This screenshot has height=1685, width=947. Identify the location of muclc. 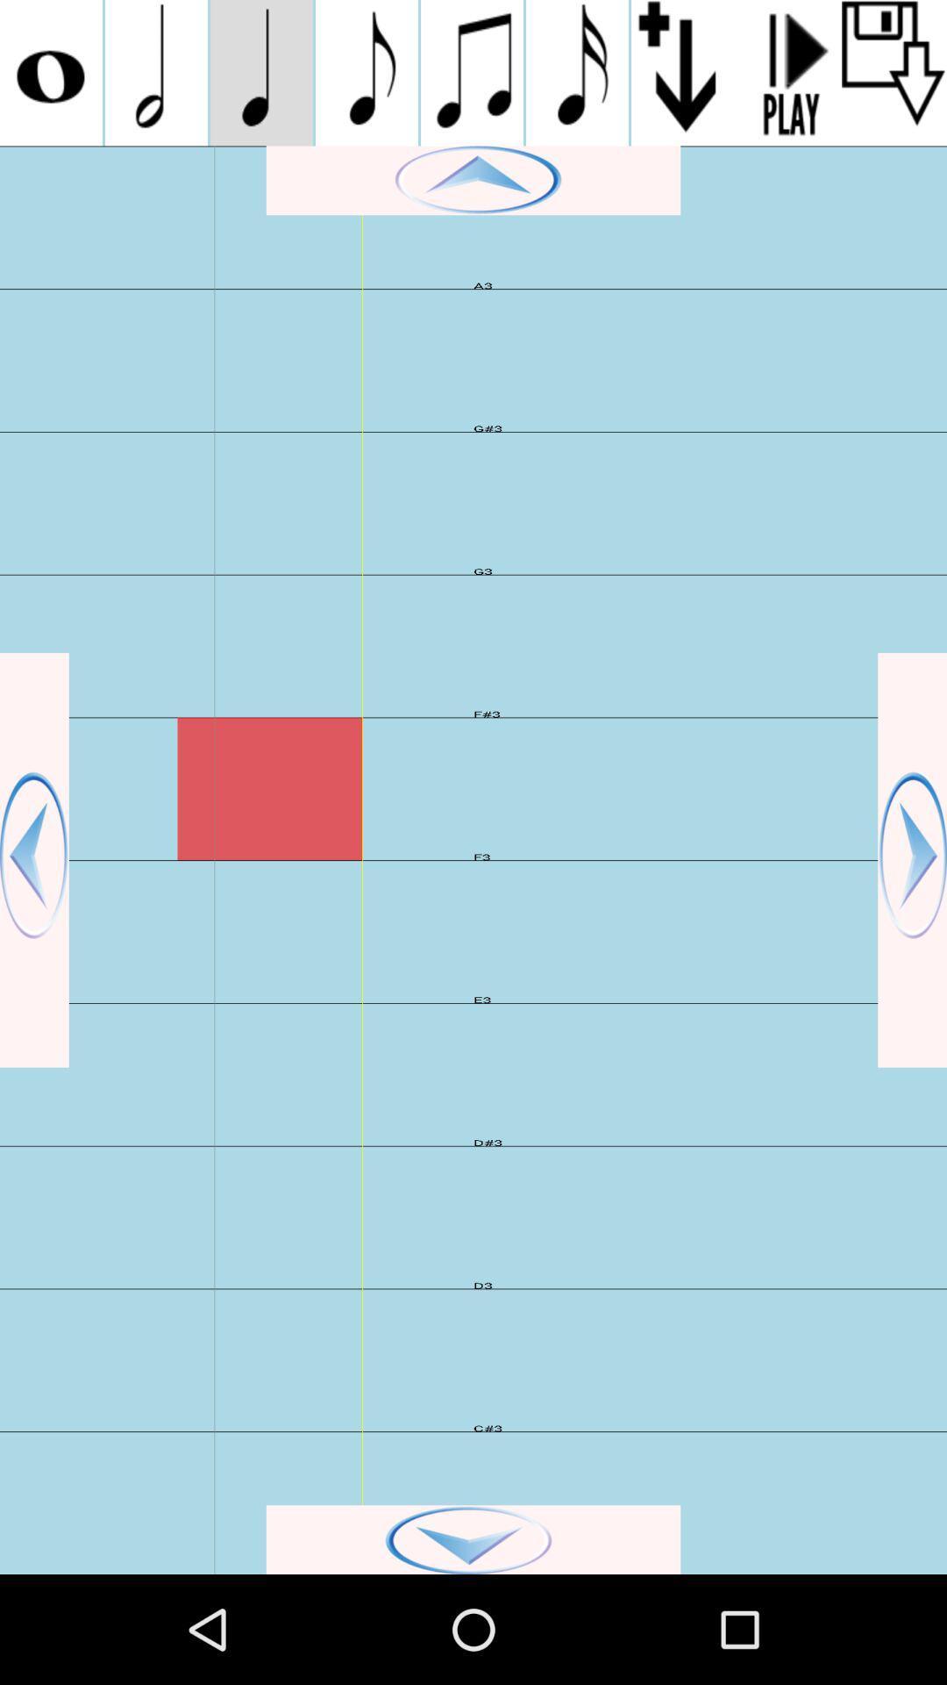
(471, 72).